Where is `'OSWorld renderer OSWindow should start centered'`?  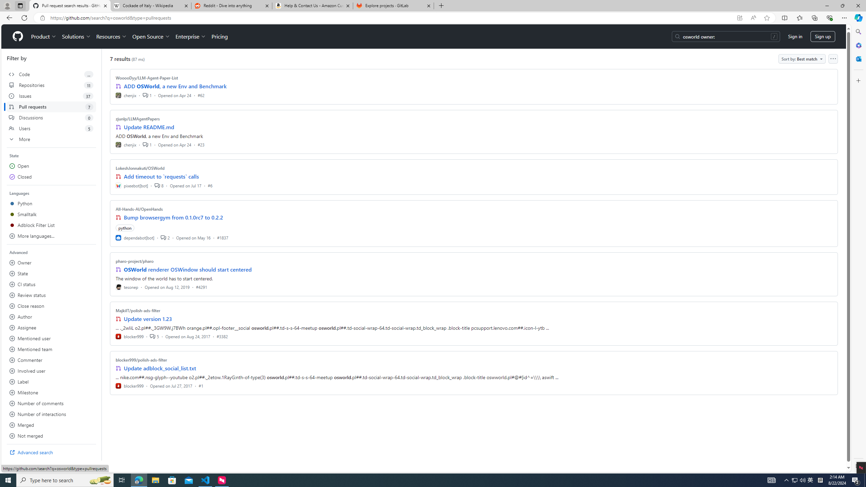
'OSWorld renderer OSWindow should start centered' is located at coordinates (187, 269).